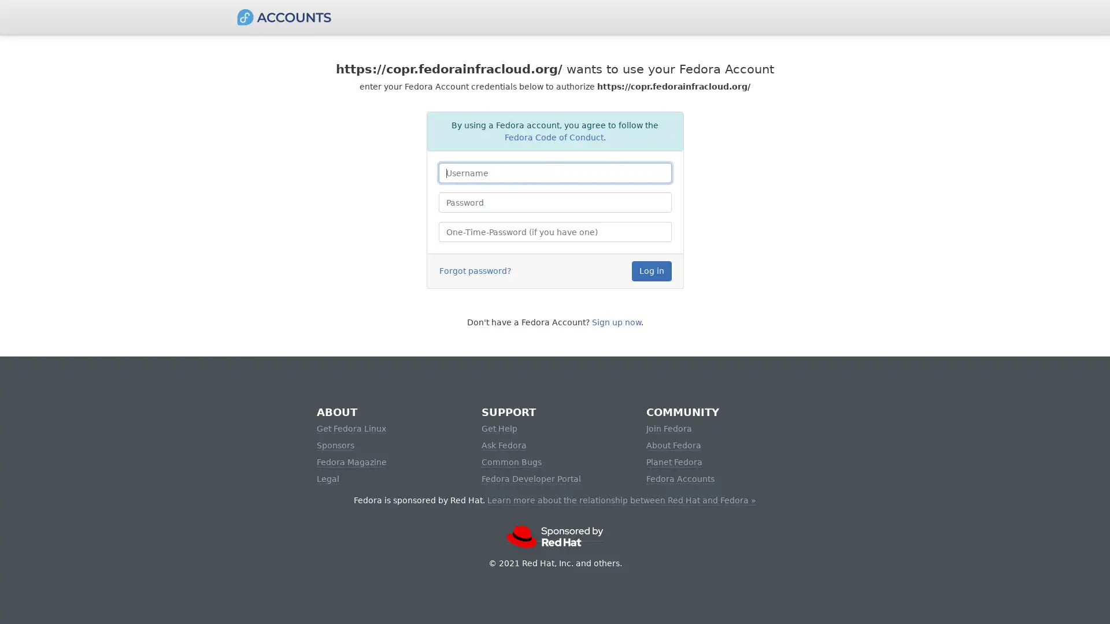  What do you see at coordinates (651, 271) in the screenshot?
I see `Log in` at bounding box center [651, 271].